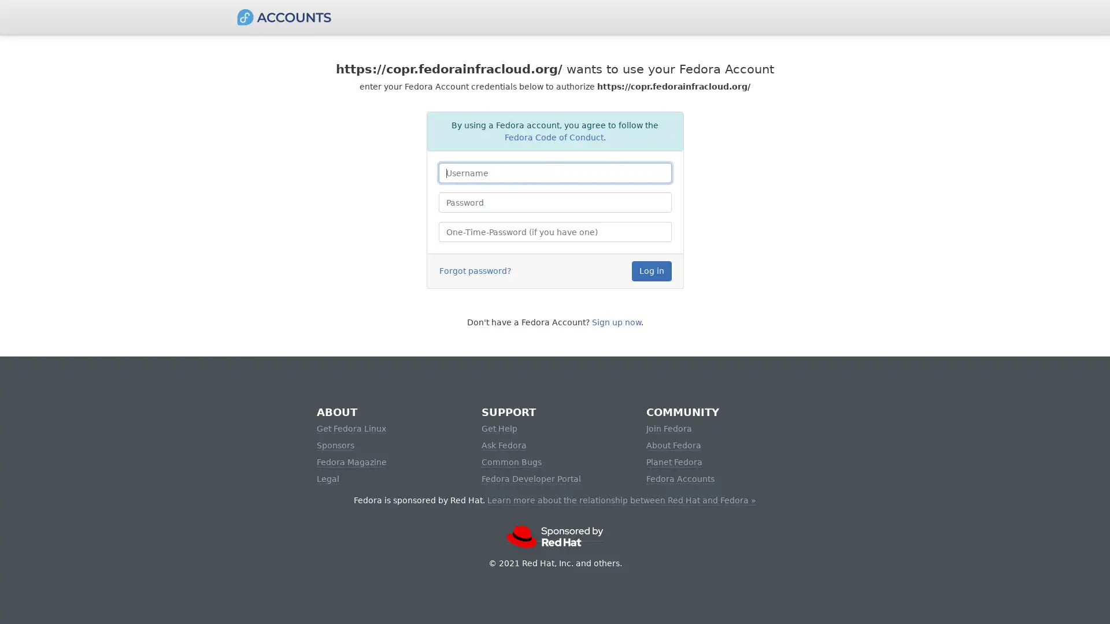  What do you see at coordinates (651, 271) in the screenshot?
I see `Log in` at bounding box center [651, 271].